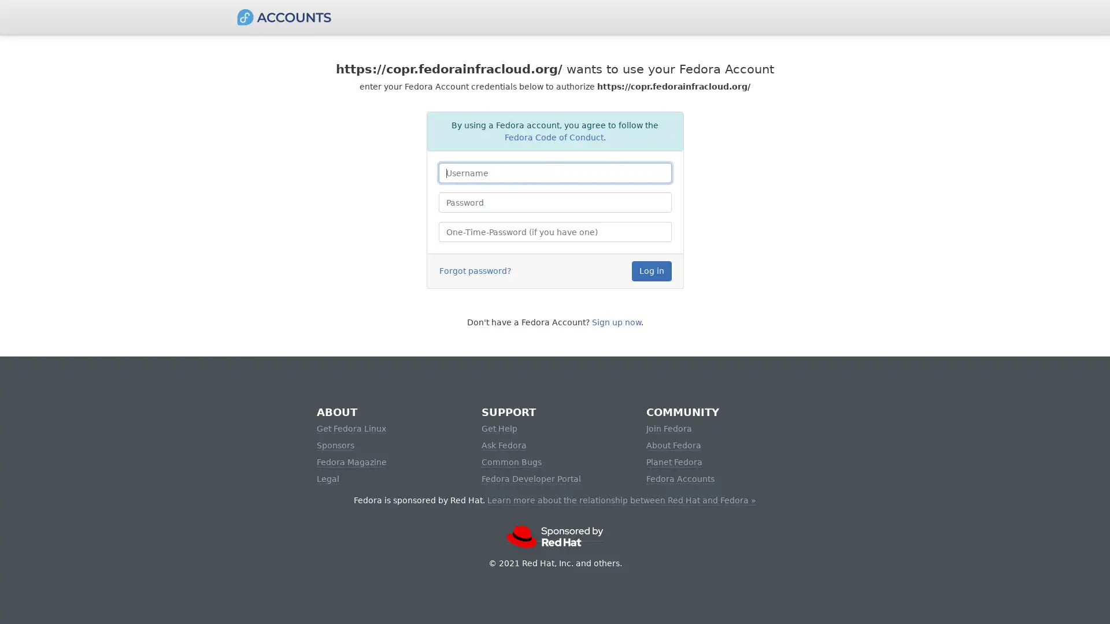  What do you see at coordinates (651, 271) in the screenshot?
I see `Log in` at bounding box center [651, 271].